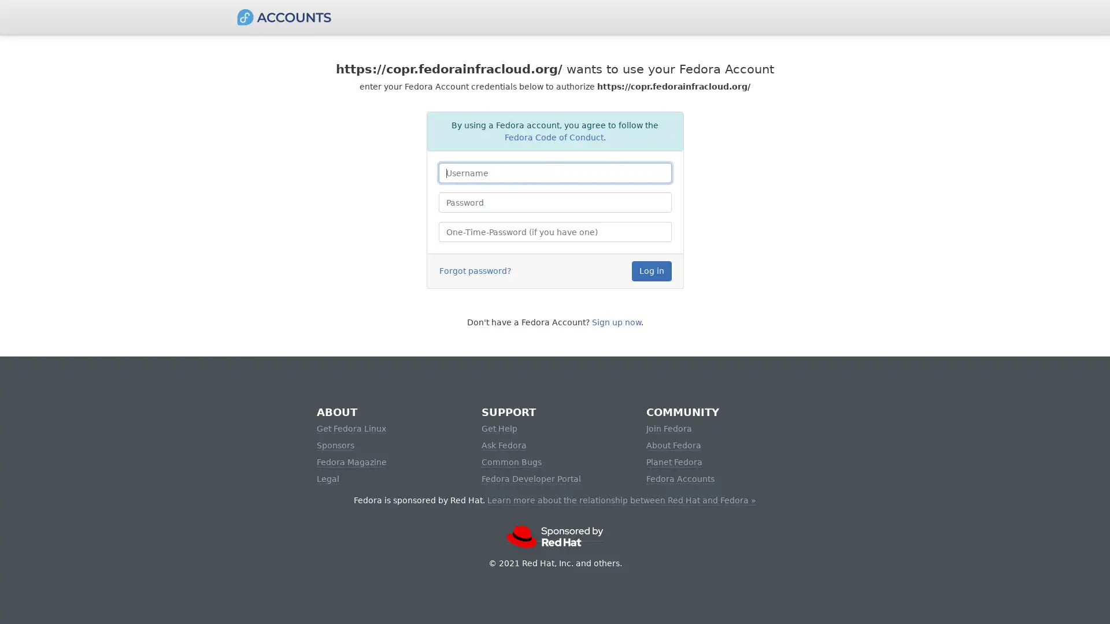  What do you see at coordinates (651, 271) in the screenshot?
I see `Log in` at bounding box center [651, 271].